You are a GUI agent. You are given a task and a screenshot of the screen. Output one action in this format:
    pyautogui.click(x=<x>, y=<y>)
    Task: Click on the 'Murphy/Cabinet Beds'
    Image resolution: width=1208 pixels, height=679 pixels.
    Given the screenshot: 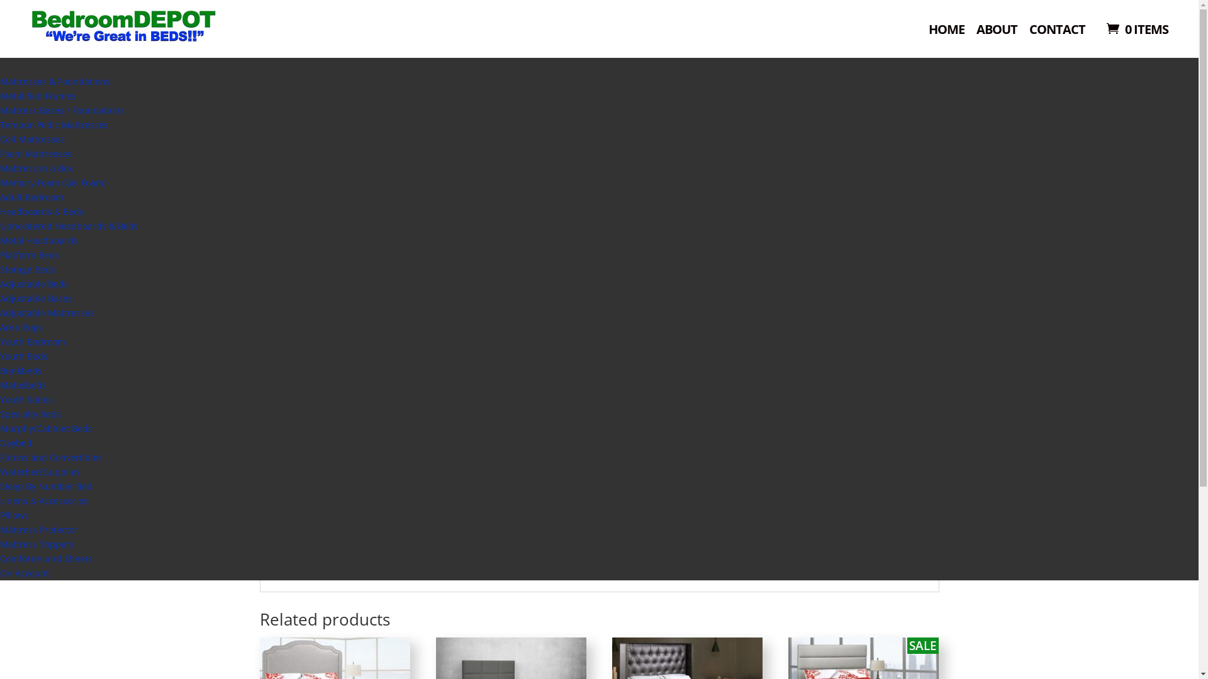 What is the action you would take?
    pyautogui.click(x=0, y=428)
    